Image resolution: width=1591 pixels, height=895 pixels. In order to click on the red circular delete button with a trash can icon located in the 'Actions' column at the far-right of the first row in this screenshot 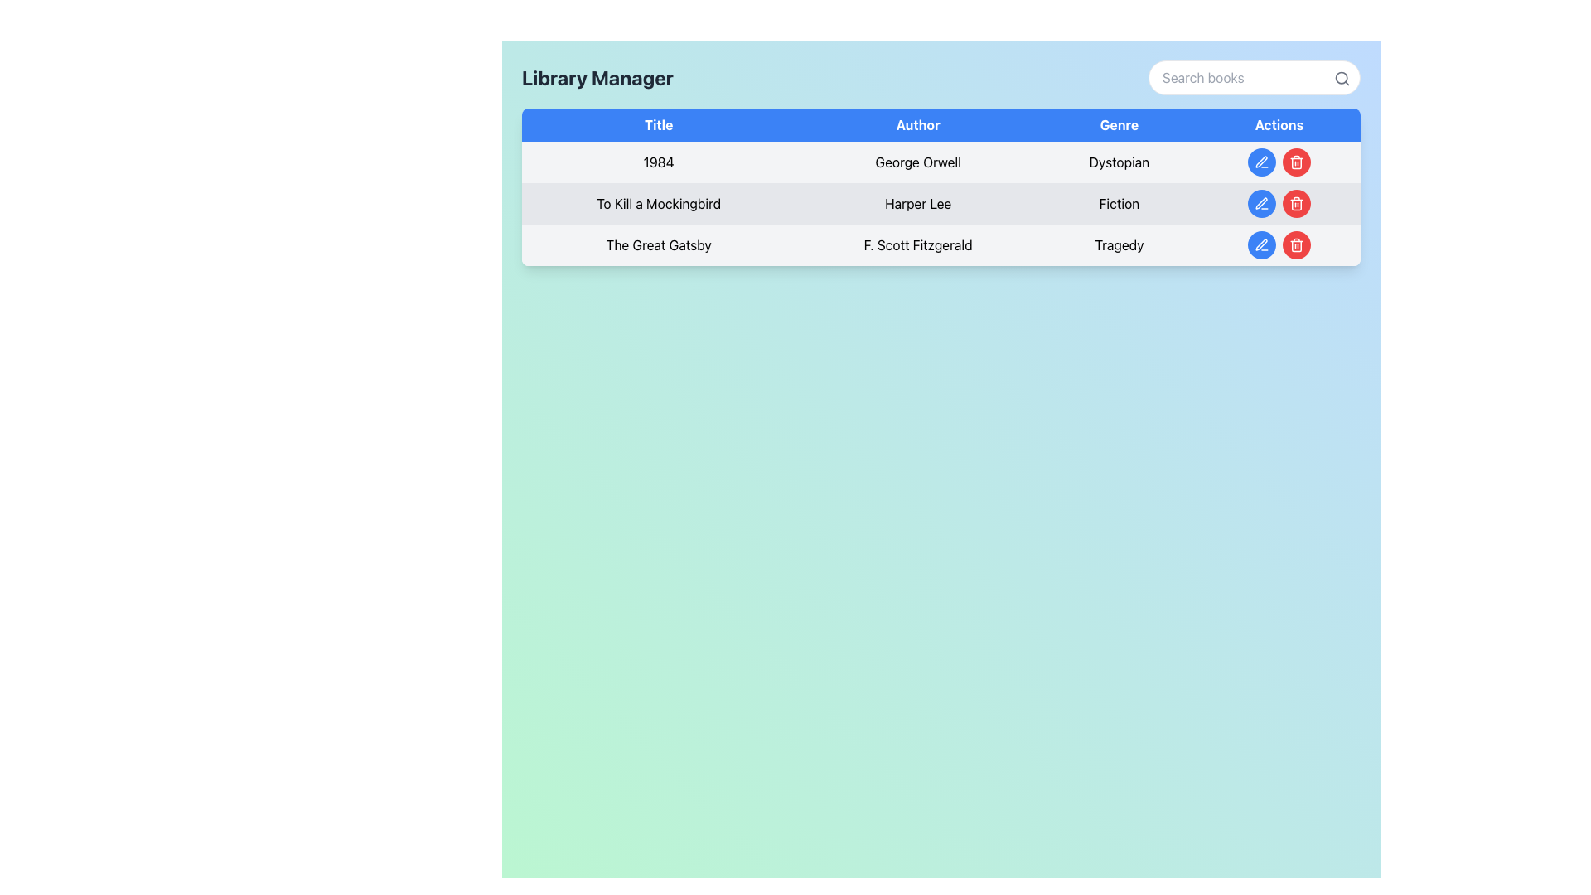, I will do `click(1295, 162)`.